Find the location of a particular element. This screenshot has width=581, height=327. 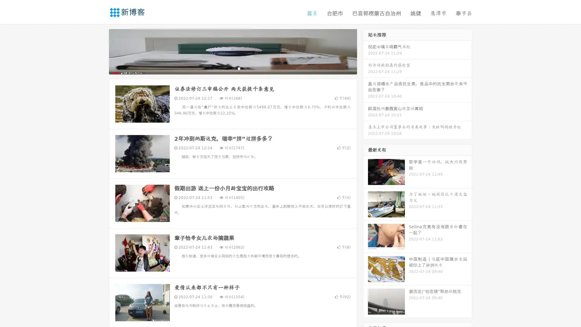

Go to slide 3 is located at coordinates (239, 68).